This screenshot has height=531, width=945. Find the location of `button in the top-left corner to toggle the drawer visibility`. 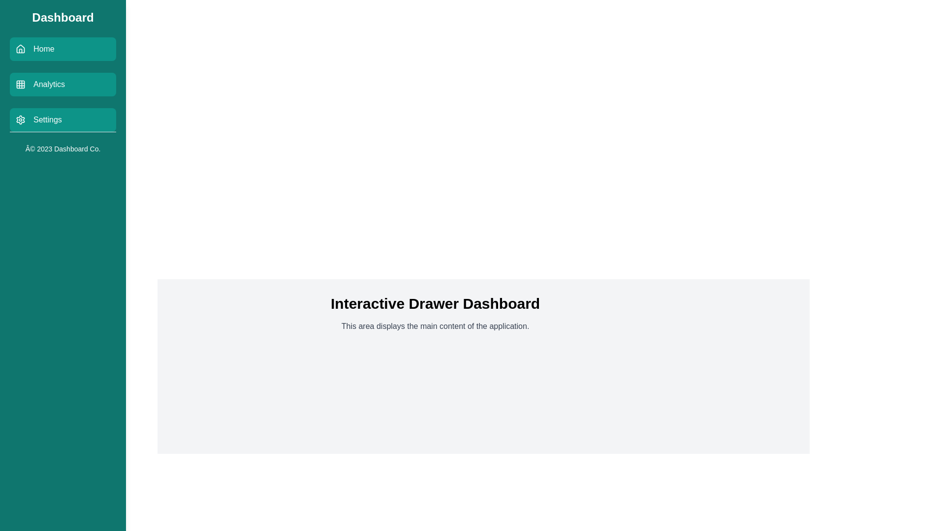

button in the top-left corner to toggle the drawer visibility is located at coordinates (21, 21).